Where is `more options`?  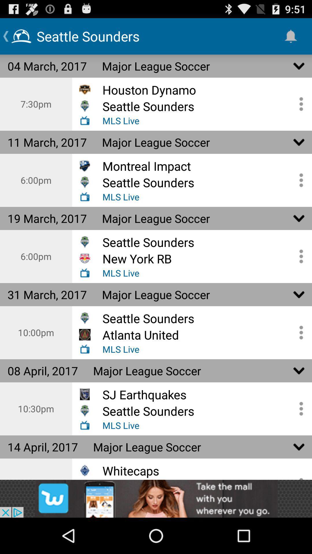 more options is located at coordinates (299, 332).